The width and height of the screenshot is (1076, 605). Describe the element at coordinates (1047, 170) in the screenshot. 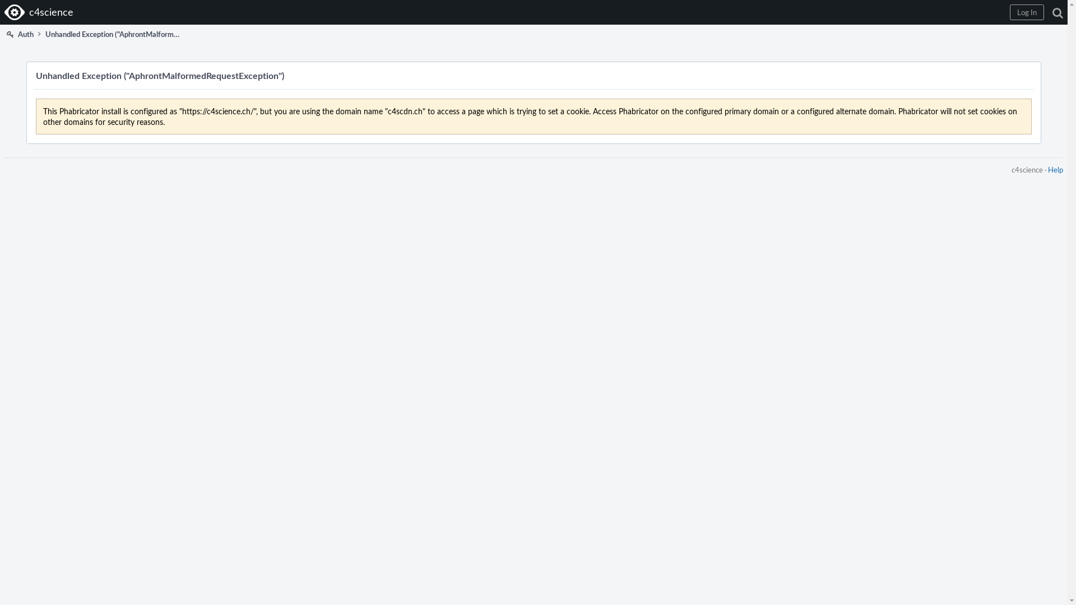

I see `'Help'` at that location.